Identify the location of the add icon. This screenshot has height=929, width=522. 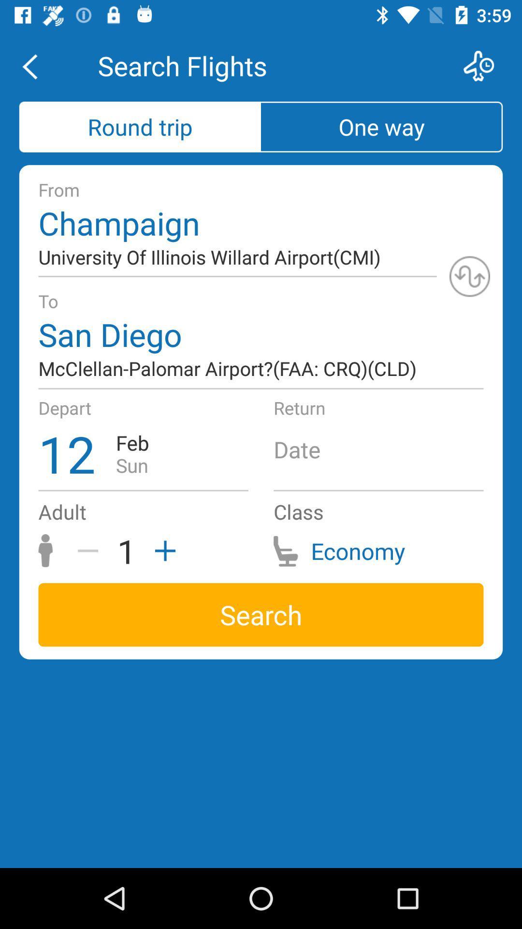
(161, 551).